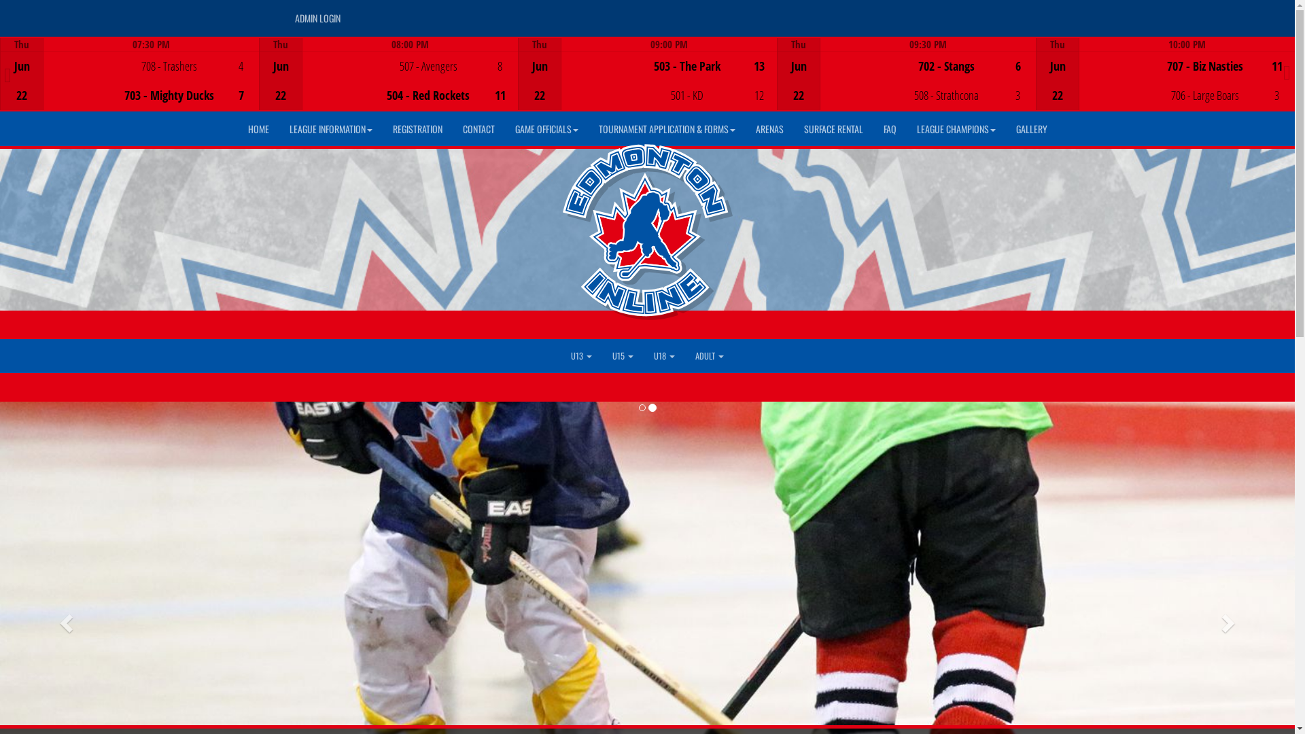 The width and height of the screenshot is (1305, 734). Describe the element at coordinates (872, 128) in the screenshot. I see `'FAQ'` at that location.